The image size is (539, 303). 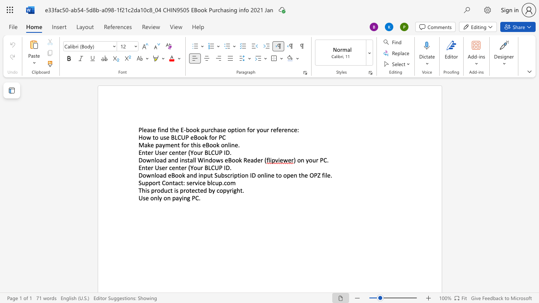 I want to click on the subset text "center (Your BLCUP ID" within the text "Enter User center (Your BLCUP ID", so click(x=168, y=152).